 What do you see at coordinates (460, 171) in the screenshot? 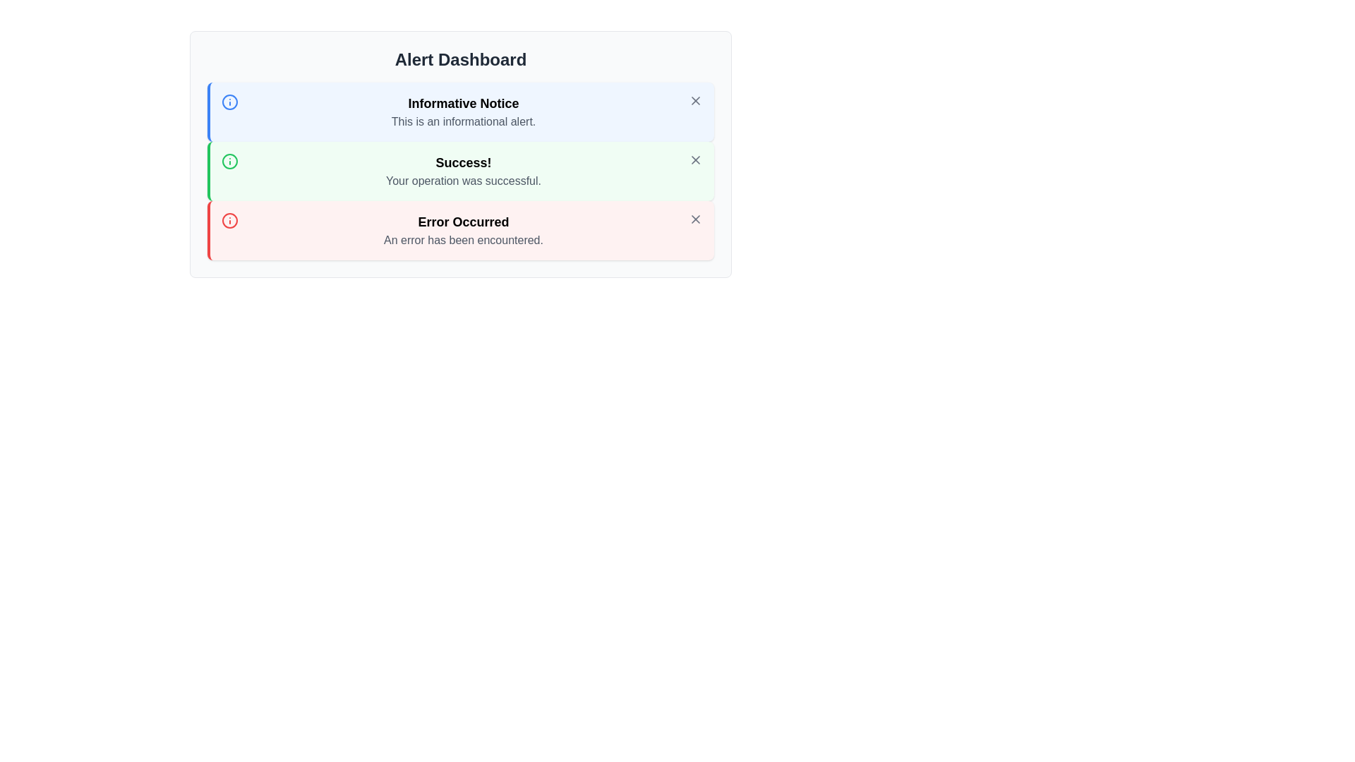
I see `the Informational Alert displaying the success message 'Success! Your operation was successful.' which has a green left border and light green background` at bounding box center [460, 171].